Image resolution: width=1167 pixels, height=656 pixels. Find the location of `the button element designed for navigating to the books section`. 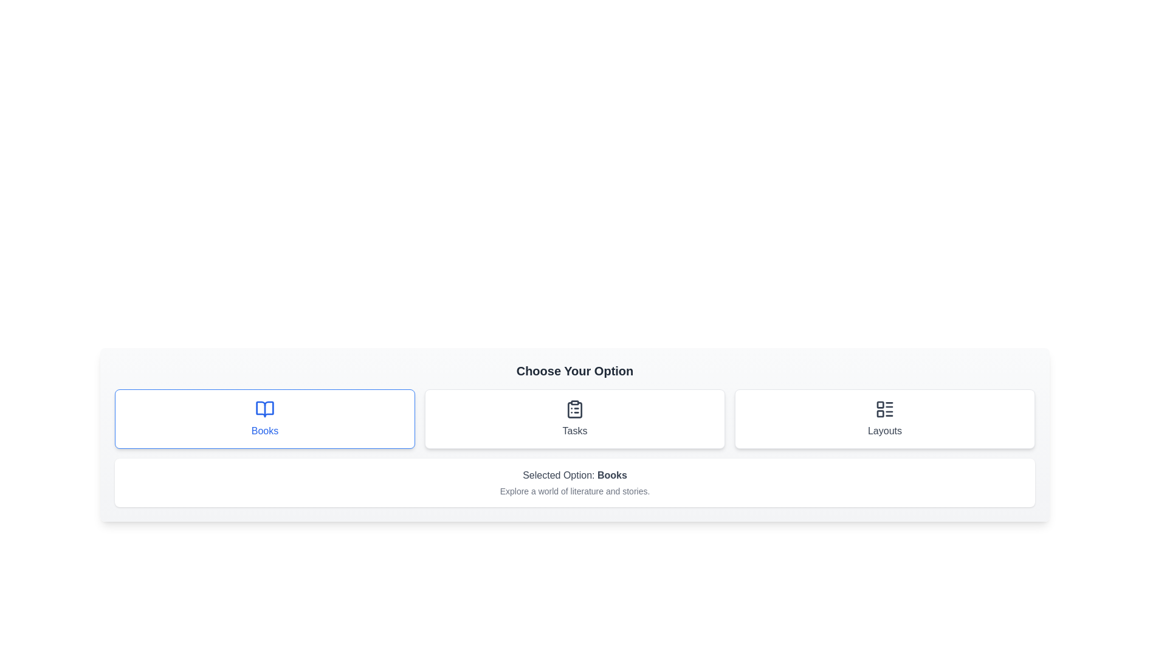

the button element designed for navigating to the books section is located at coordinates (264, 419).